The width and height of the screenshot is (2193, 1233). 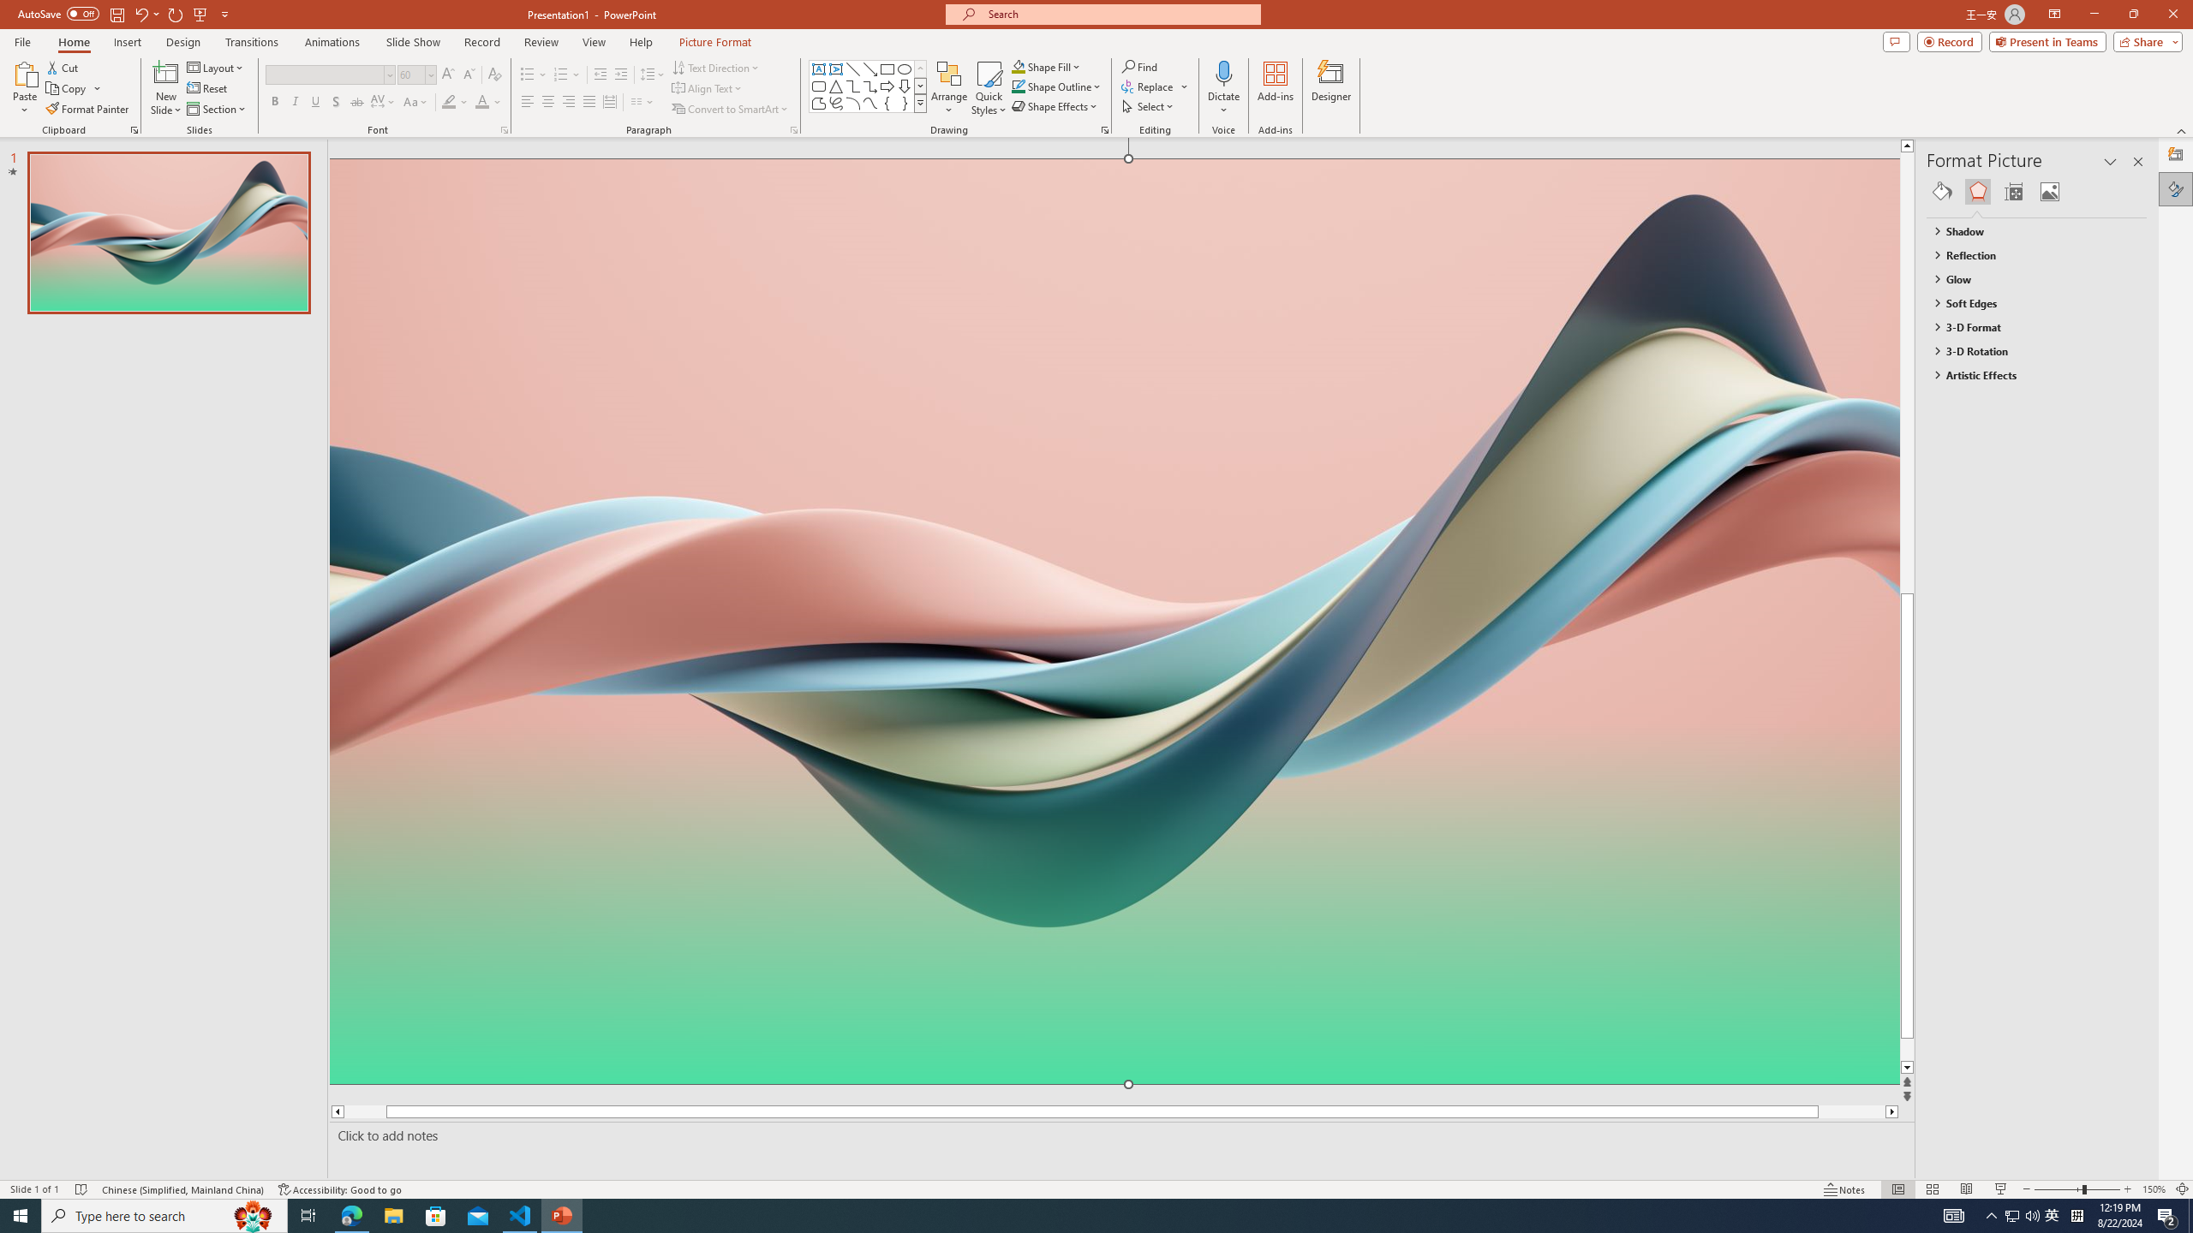 What do you see at coordinates (2049, 190) in the screenshot?
I see `'Picture'` at bounding box center [2049, 190].